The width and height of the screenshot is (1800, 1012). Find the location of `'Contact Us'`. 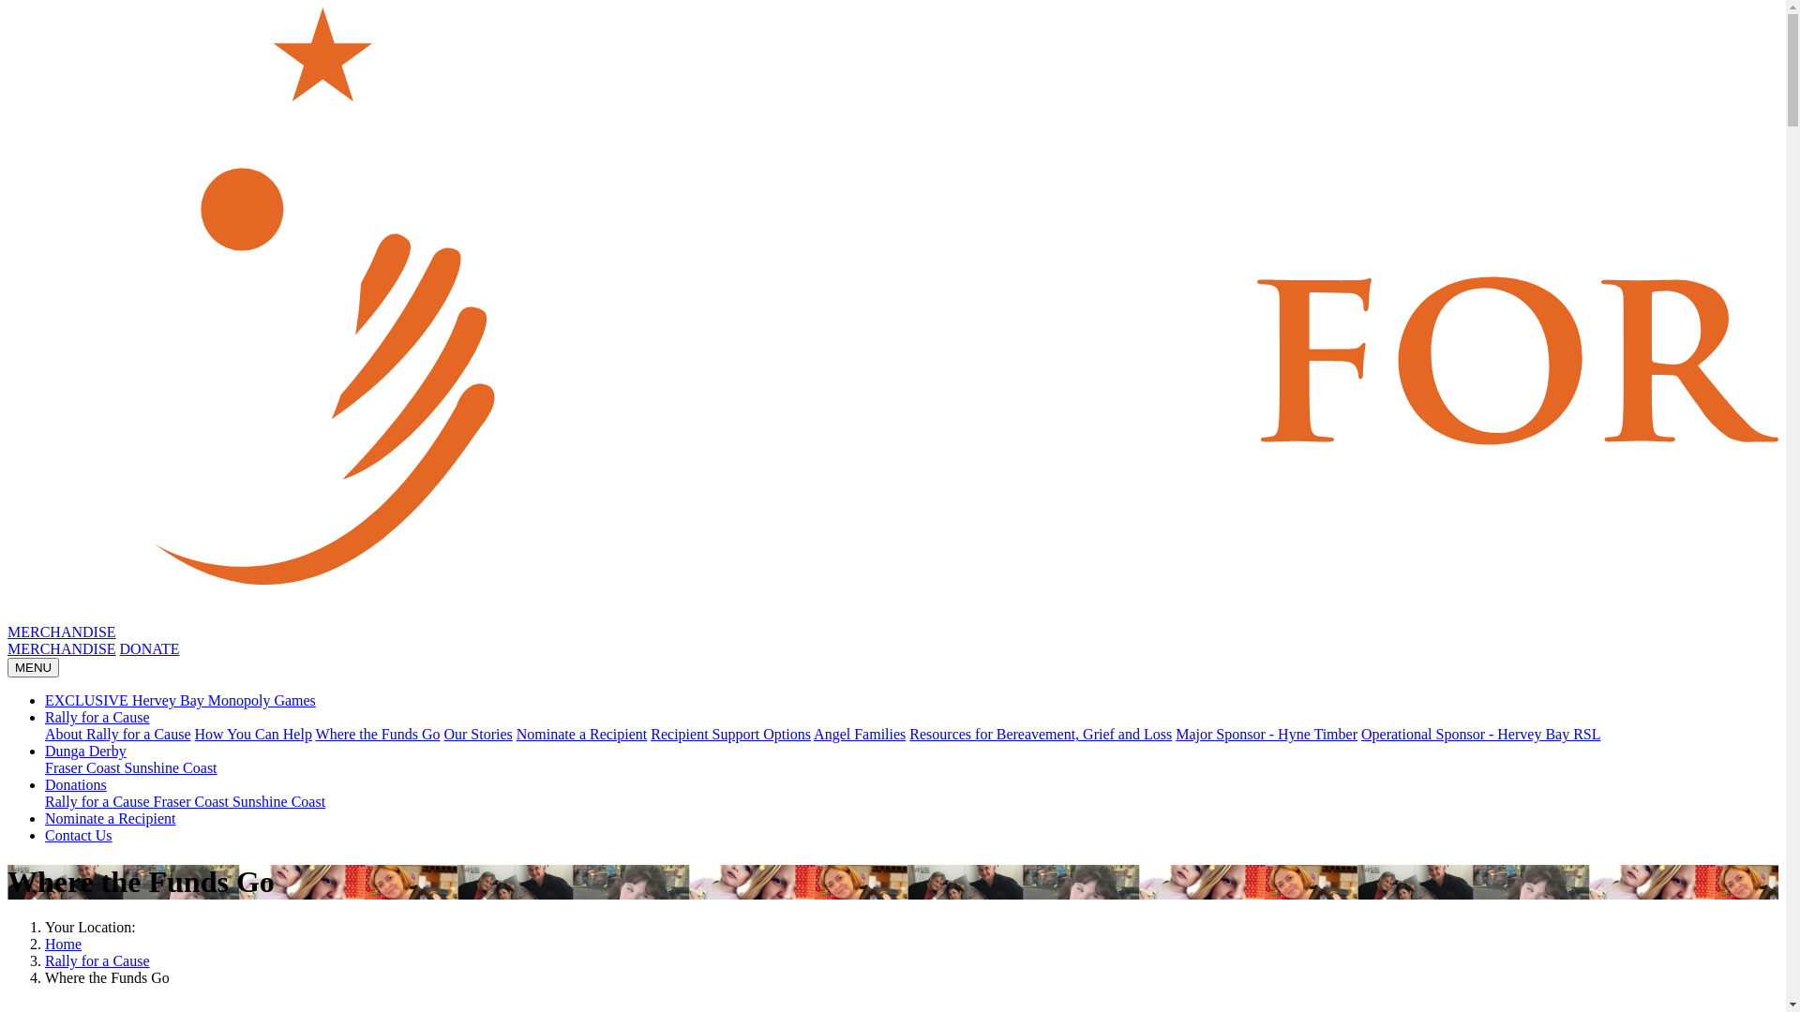

'Contact Us' is located at coordinates (77, 834).